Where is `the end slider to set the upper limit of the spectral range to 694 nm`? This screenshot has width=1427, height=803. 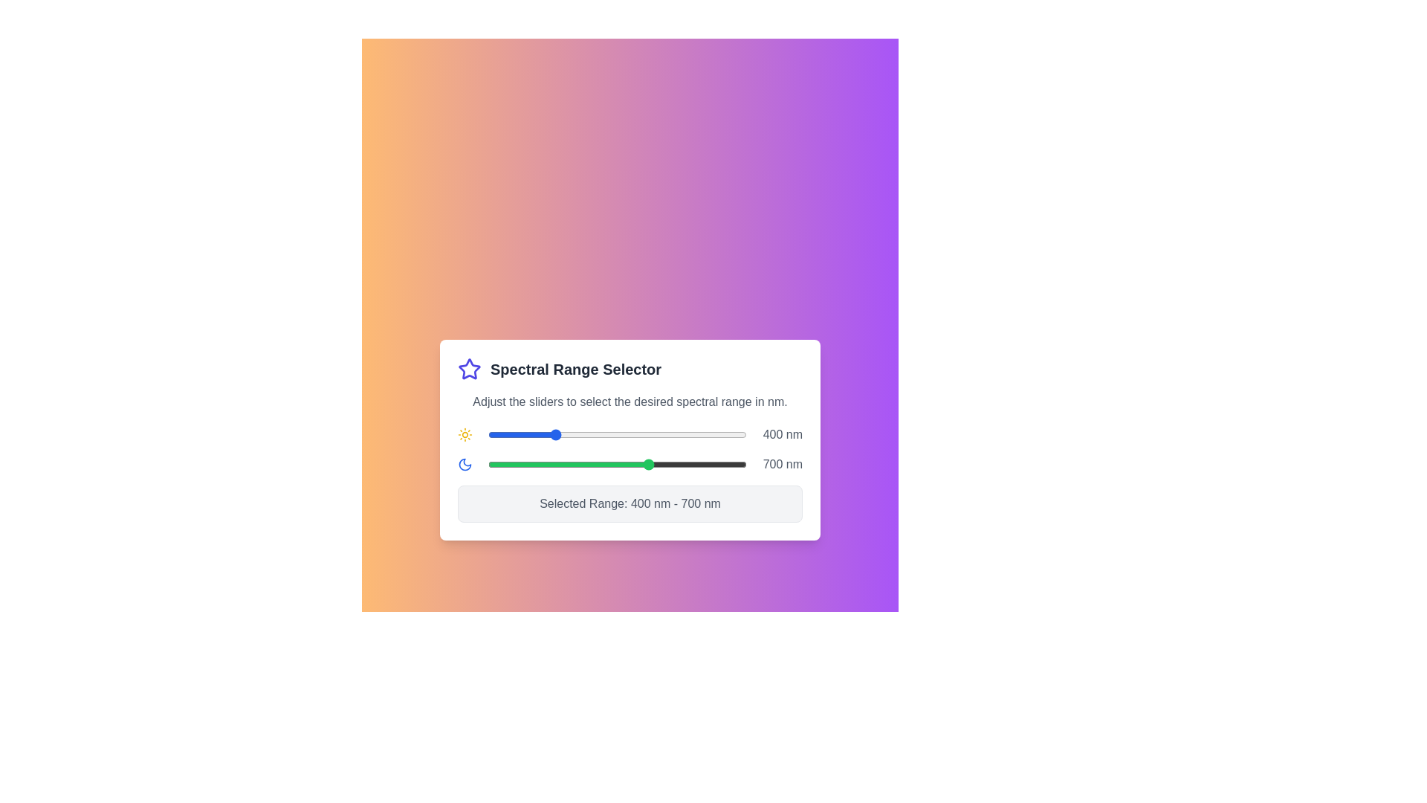 the end slider to set the upper limit of the spectral range to 694 nm is located at coordinates (648, 463).